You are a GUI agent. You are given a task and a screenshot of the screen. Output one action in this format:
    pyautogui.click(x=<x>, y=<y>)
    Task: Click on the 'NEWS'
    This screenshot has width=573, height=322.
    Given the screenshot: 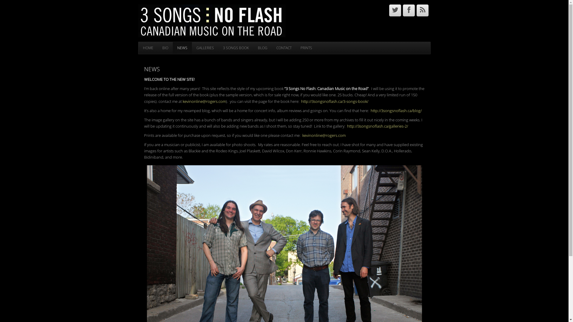 What is the action you would take?
    pyautogui.click(x=172, y=48)
    